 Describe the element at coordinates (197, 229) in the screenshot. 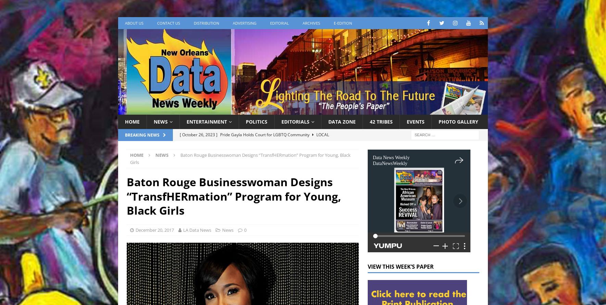

I see `'LA Data News'` at that location.